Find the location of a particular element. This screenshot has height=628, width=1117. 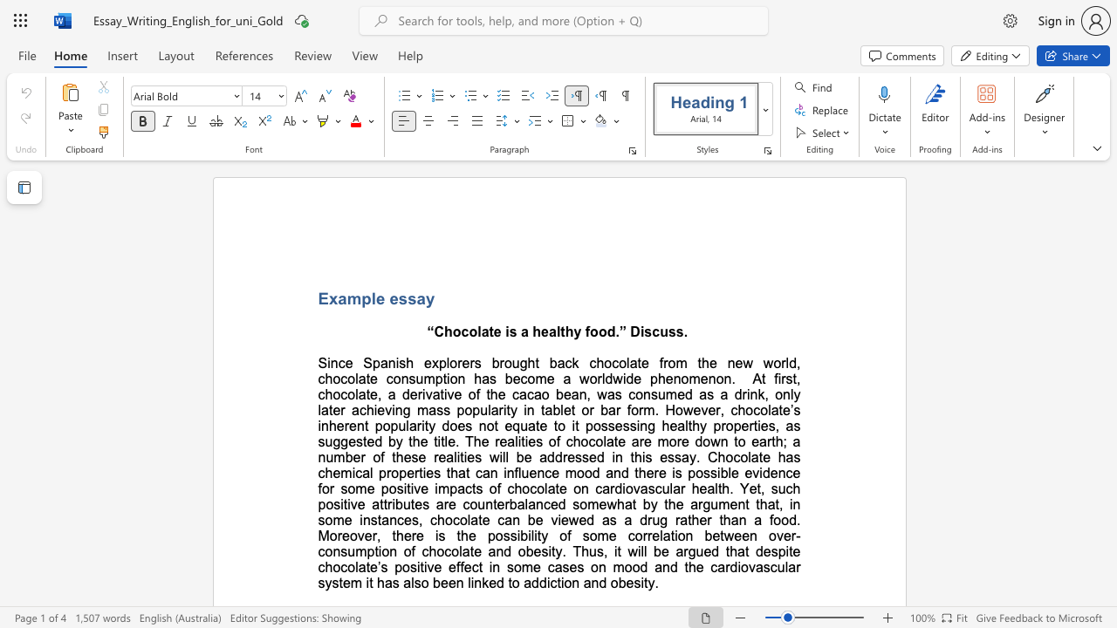

the subset text "what by" within the text "somewhat by" is located at coordinates (606, 504).